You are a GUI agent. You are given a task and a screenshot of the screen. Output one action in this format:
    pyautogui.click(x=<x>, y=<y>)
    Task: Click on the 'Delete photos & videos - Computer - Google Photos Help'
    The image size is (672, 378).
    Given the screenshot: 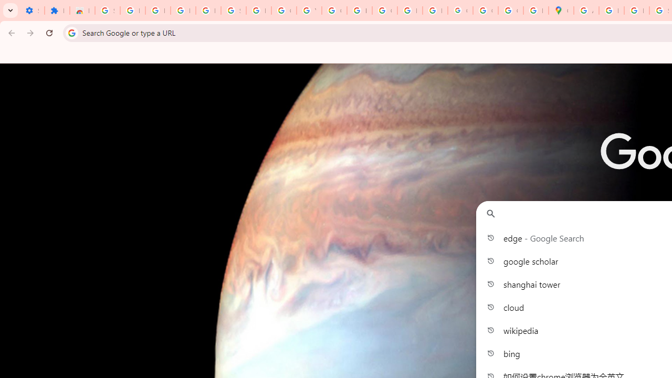 What is the action you would take?
    pyautogui.click(x=157, y=10)
    